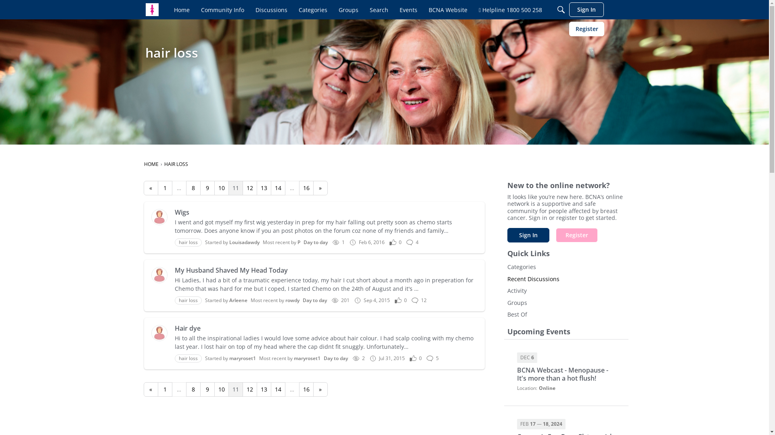 This screenshot has height=435, width=775. I want to click on '11', so click(235, 389).